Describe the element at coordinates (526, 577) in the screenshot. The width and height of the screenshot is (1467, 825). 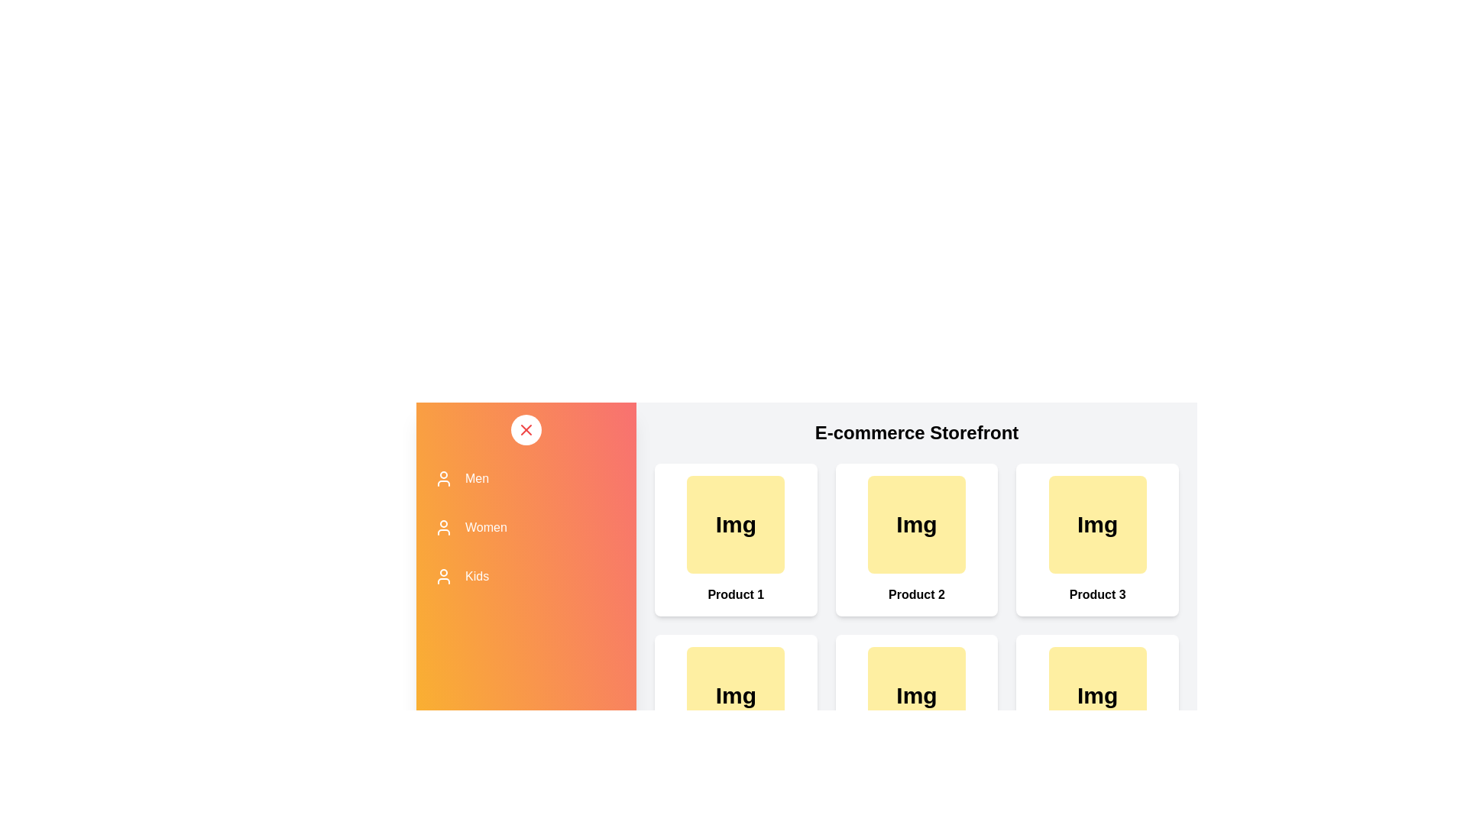
I see `the category Kids to observe its hover effect` at that location.